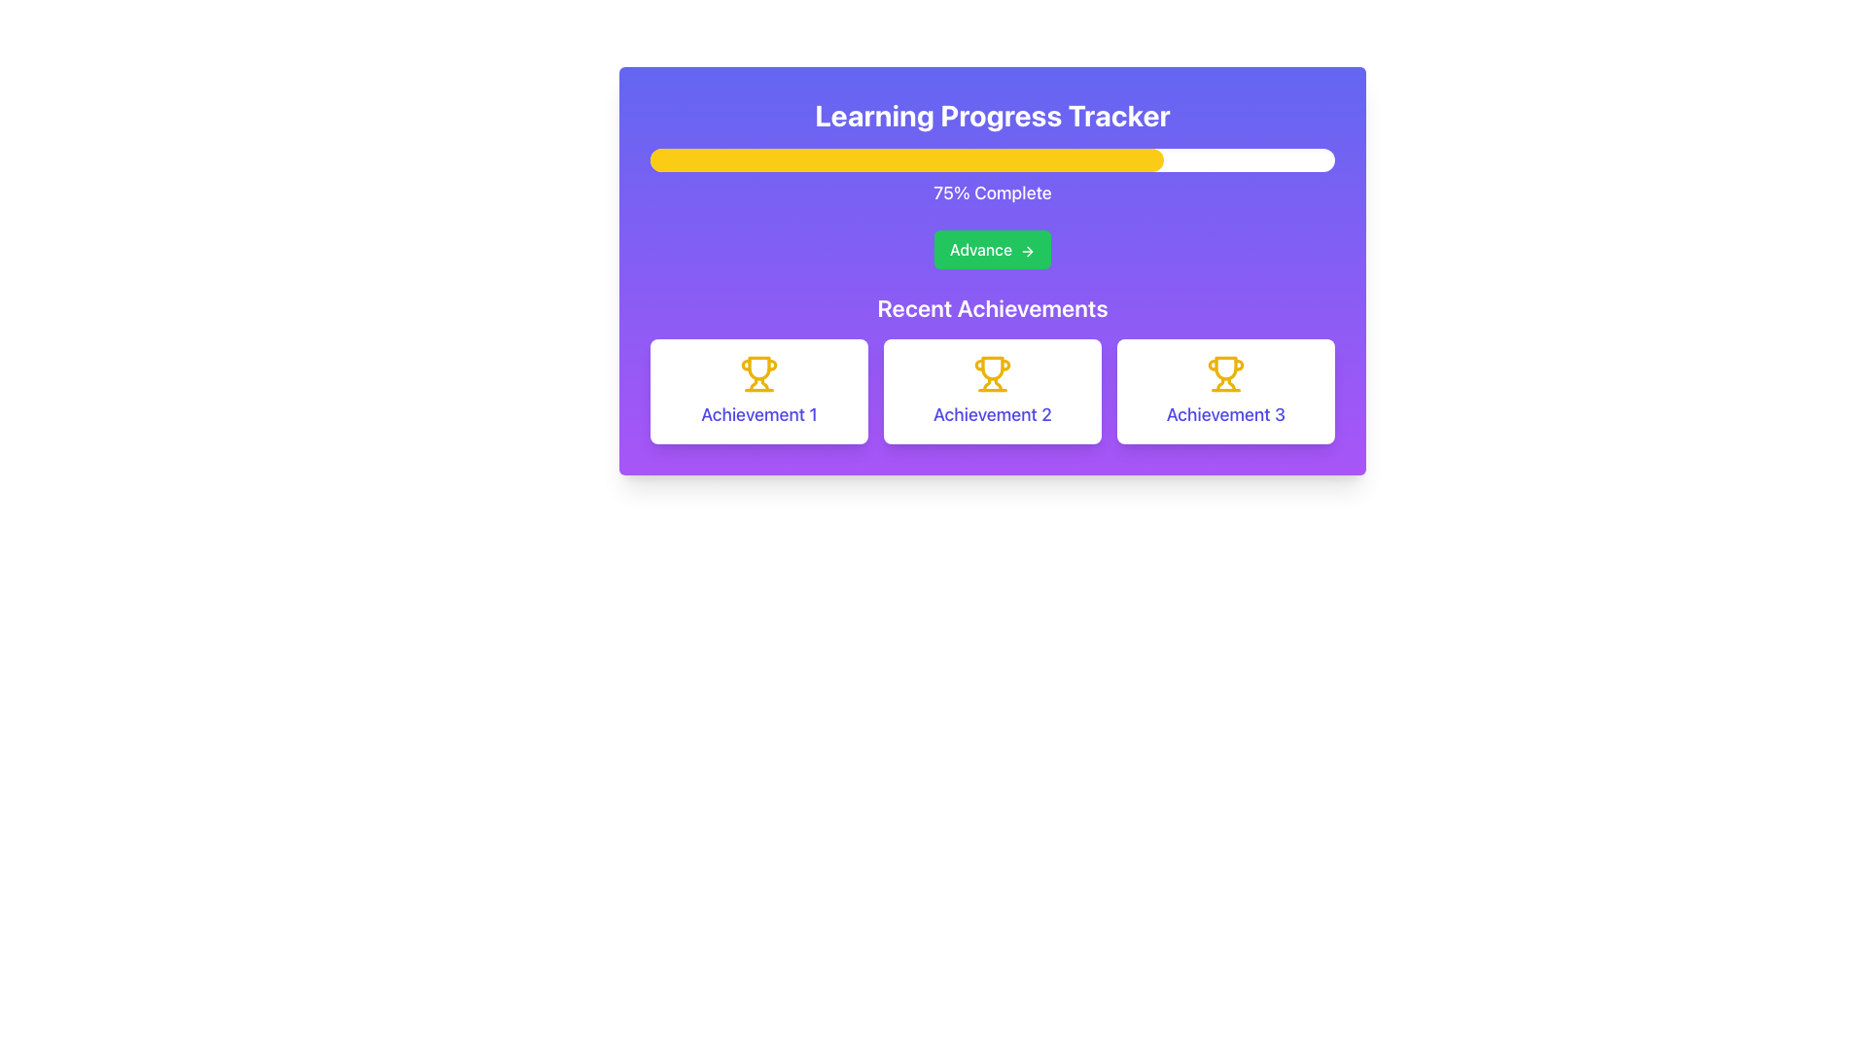 This screenshot has width=1867, height=1050. Describe the element at coordinates (1225, 414) in the screenshot. I see `text label for the third achievement displayed in the Recent Achievements section, located at the bottom-right of the section beneath the trophy icon` at that location.